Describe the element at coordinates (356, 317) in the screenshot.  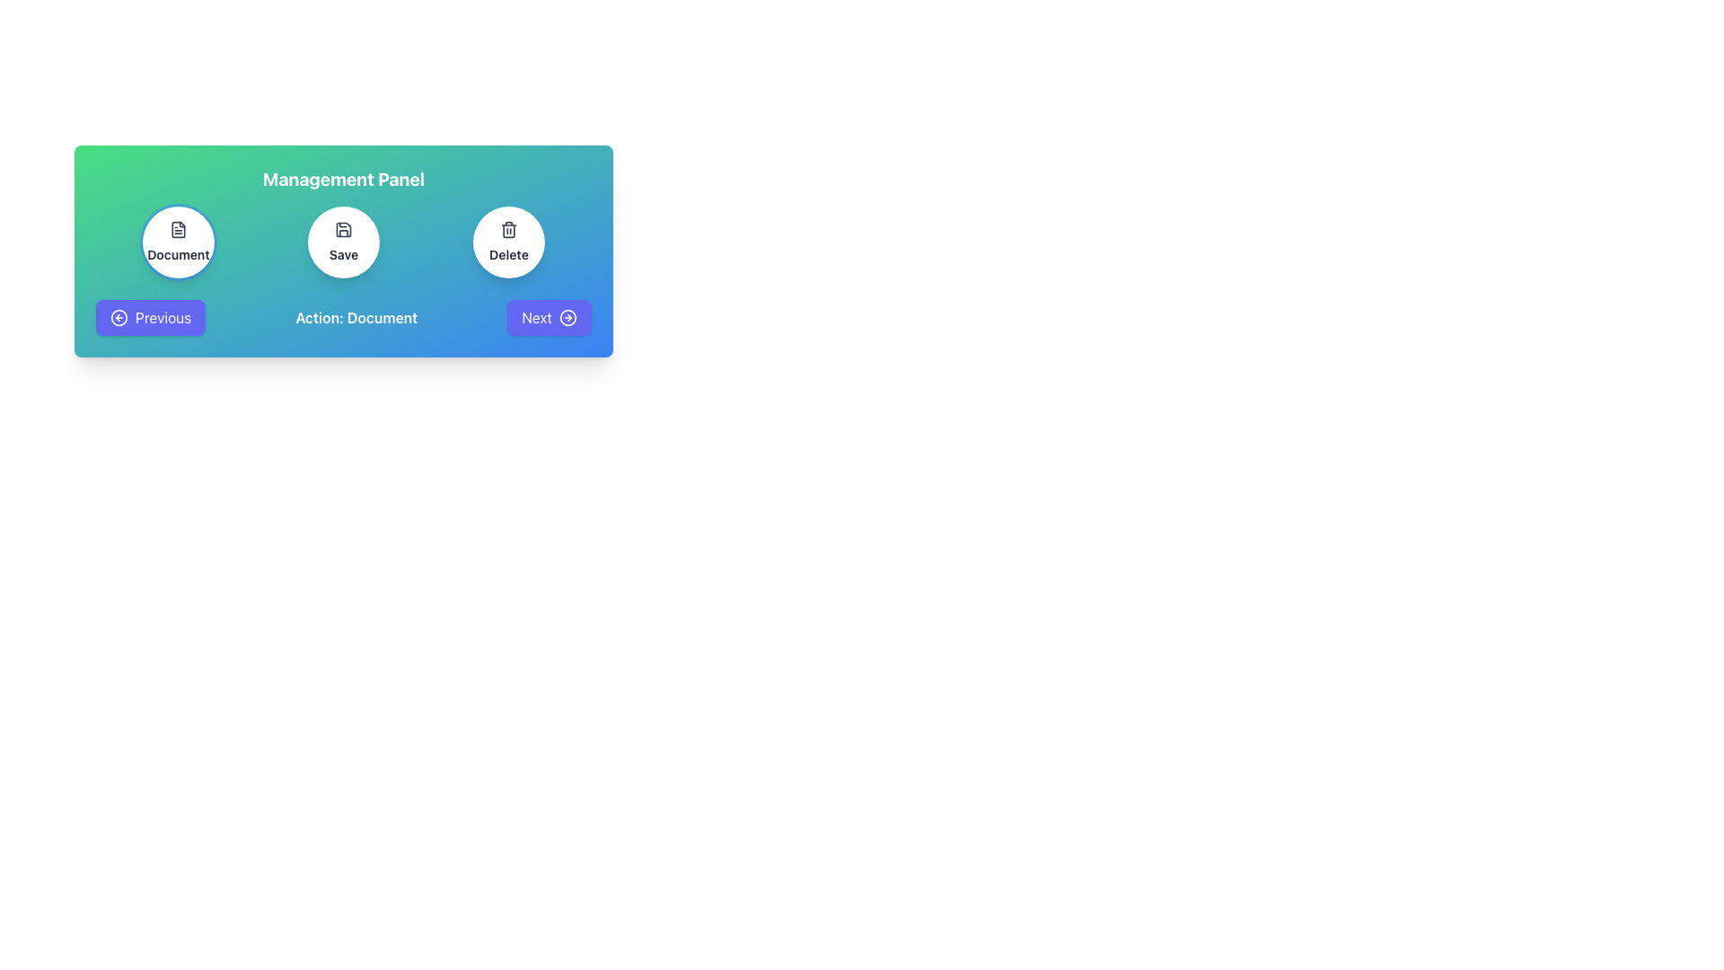
I see `the text label displaying 'Action: Document', which is centrally positioned between the 'Previous' and 'Next' buttons` at that location.